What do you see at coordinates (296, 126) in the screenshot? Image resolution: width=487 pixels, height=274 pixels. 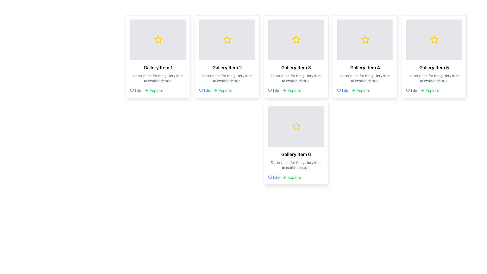 I see `the yellow star icon with a hollow center located in the preview area of the card labeled 'Gallery Item 6', which is the first card in the bottom row of the grid layout` at bounding box center [296, 126].